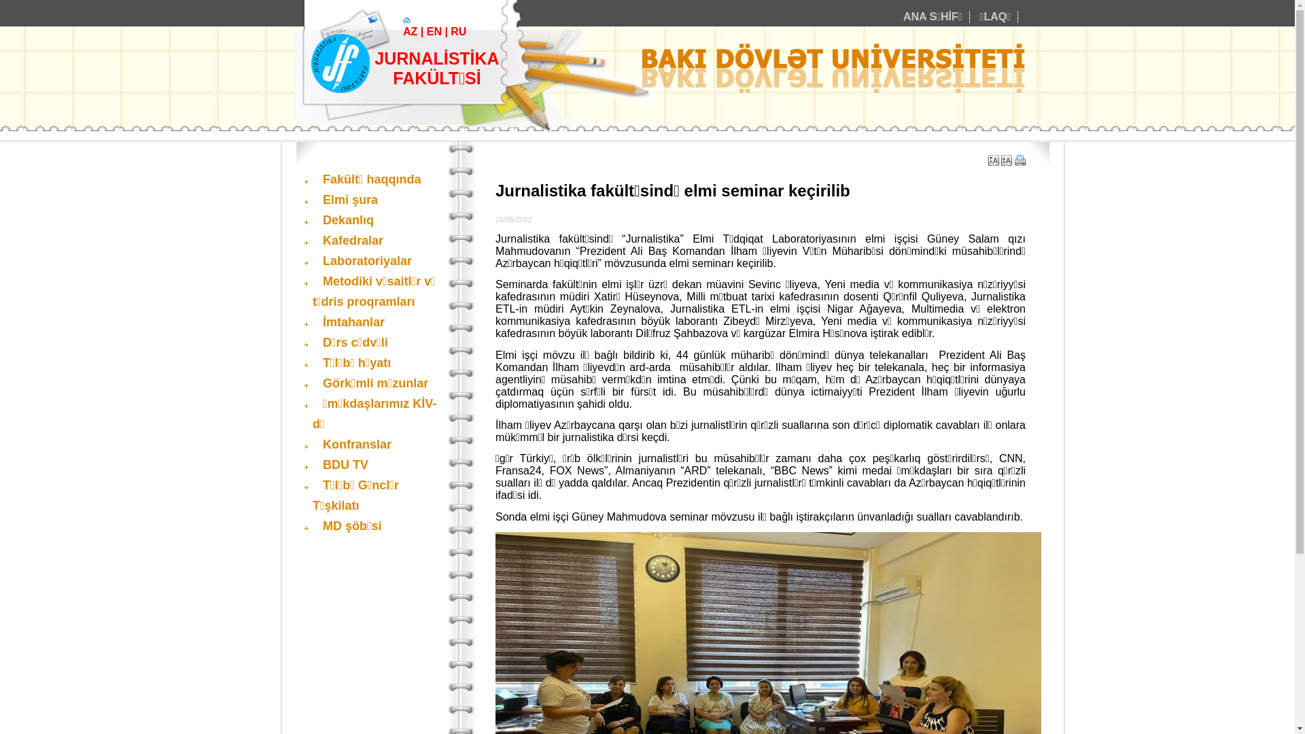 The image size is (1305, 734). What do you see at coordinates (352, 444) in the screenshot?
I see `'Konfranslar'` at bounding box center [352, 444].